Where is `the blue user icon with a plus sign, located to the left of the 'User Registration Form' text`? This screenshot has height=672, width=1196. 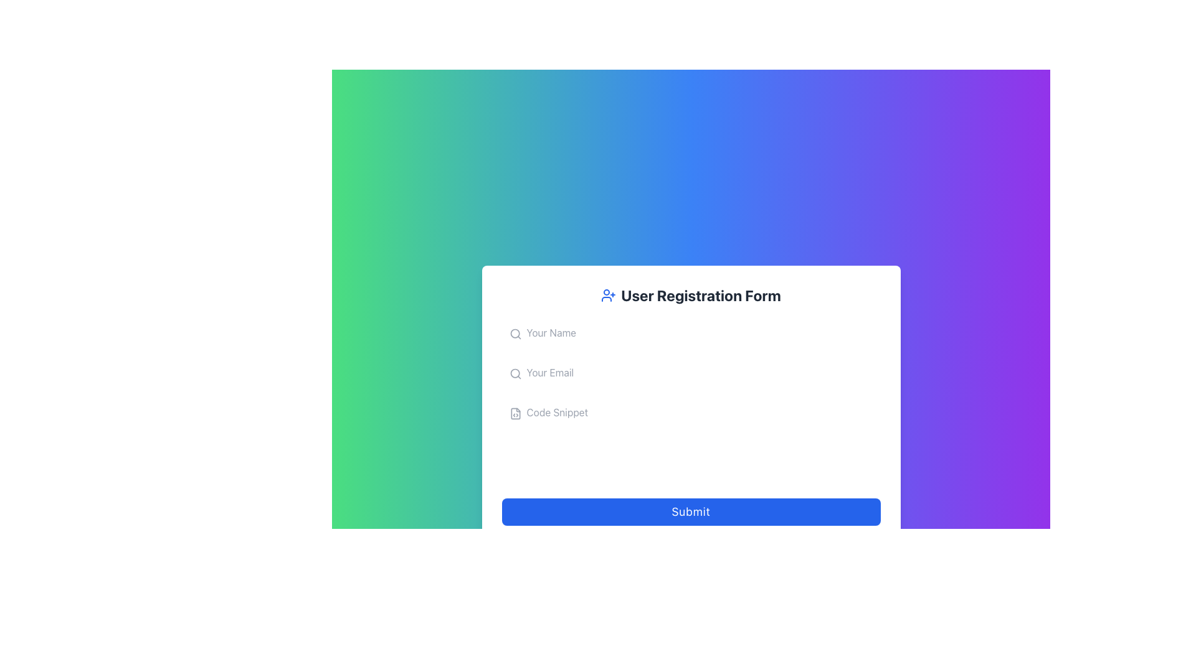 the blue user icon with a plus sign, located to the left of the 'User Registration Form' text is located at coordinates (609, 295).